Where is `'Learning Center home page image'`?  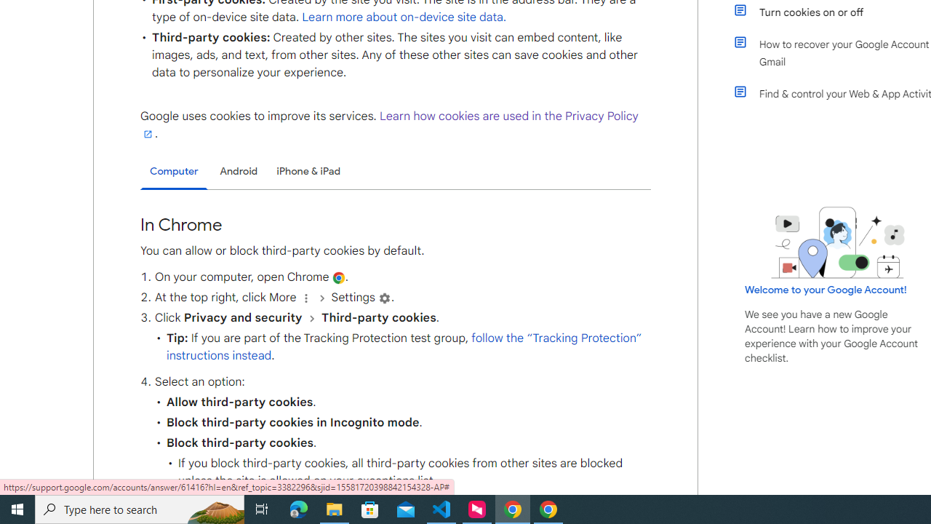 'Learning Center home page image' is located at coordinates (838, 242).